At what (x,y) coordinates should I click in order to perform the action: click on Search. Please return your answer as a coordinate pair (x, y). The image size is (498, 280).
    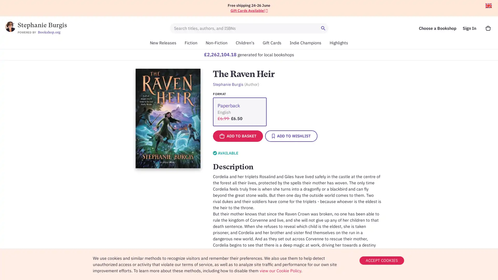
    Looking at the image, I should click on (323, 28).